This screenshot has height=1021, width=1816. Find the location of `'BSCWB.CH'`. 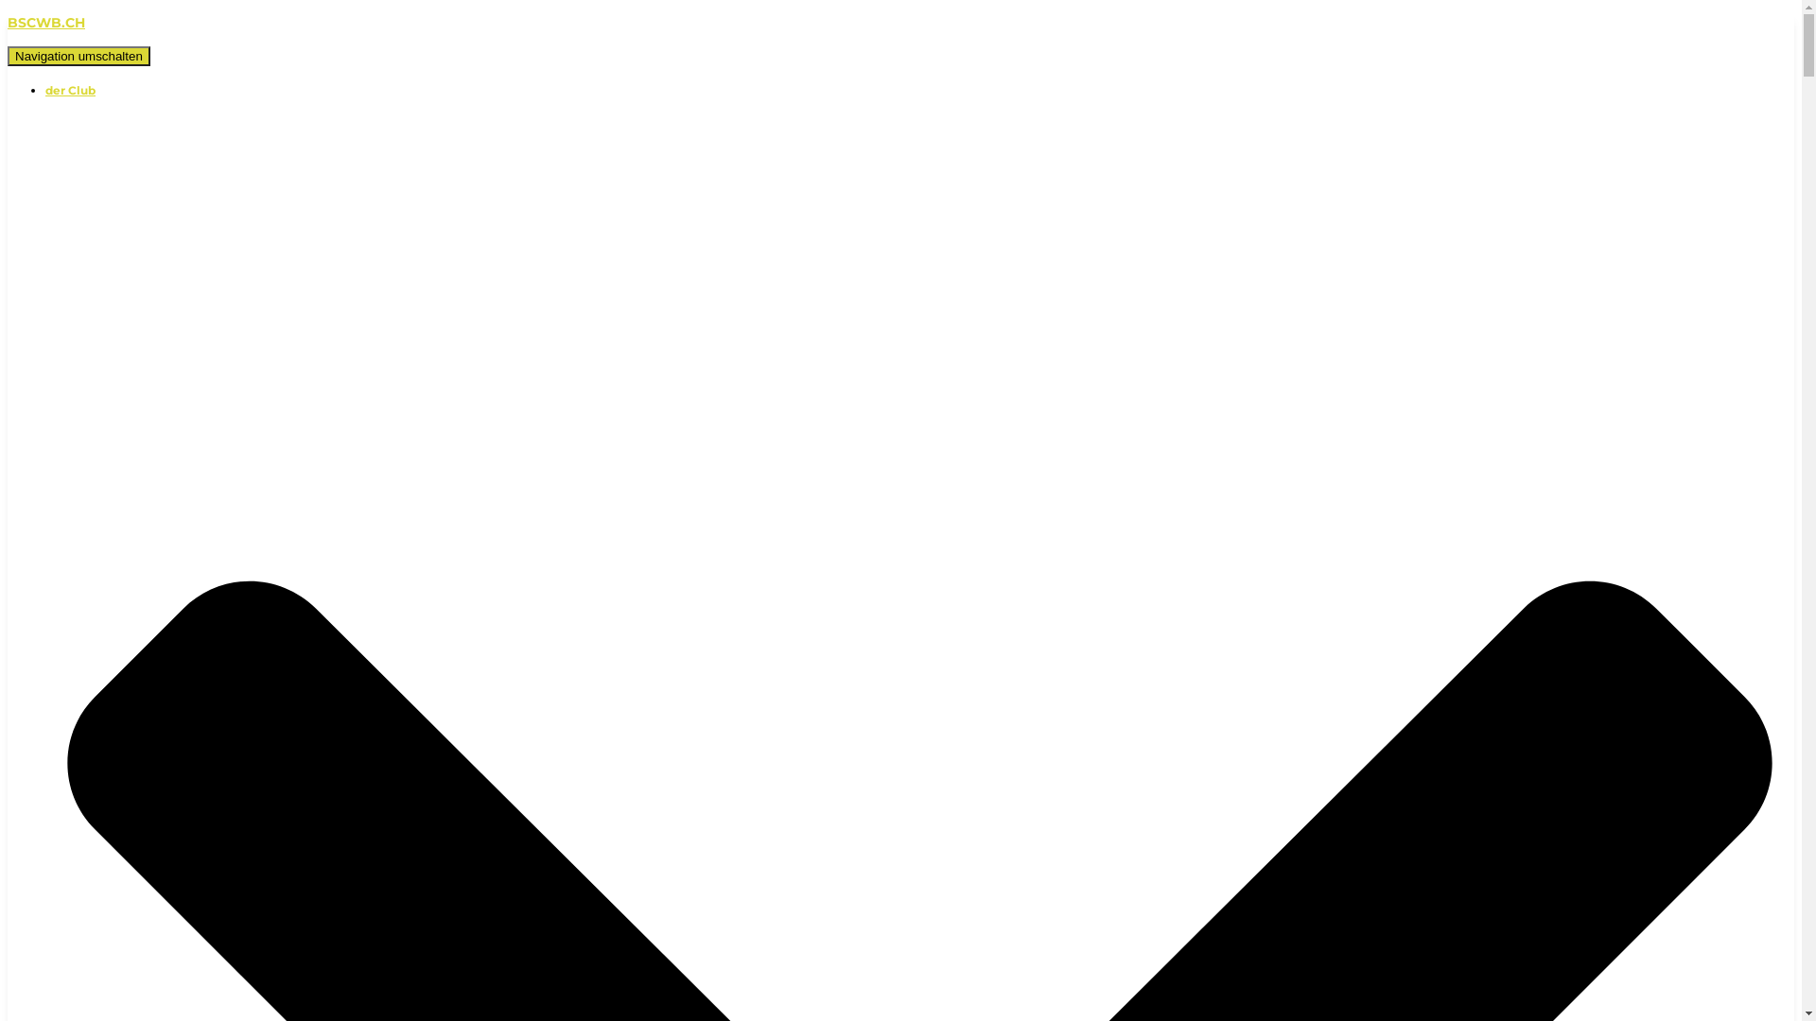

'BSCWB.CH' is located at coordinates (899, 23).